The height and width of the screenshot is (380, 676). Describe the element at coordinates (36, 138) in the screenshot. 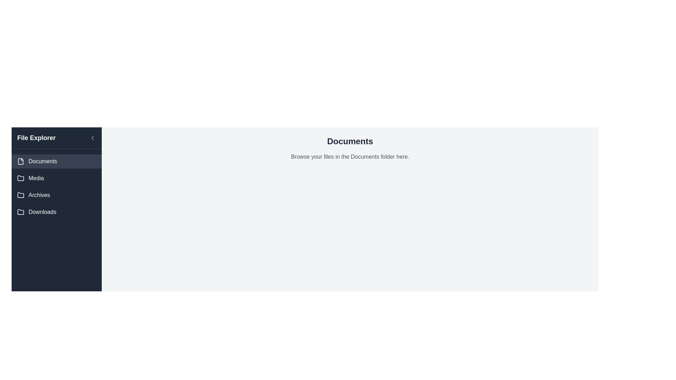

I see `the text label titled 'File Explorer', which is styled in bold font with a large text size on the left sidebar of the interface` at that location.